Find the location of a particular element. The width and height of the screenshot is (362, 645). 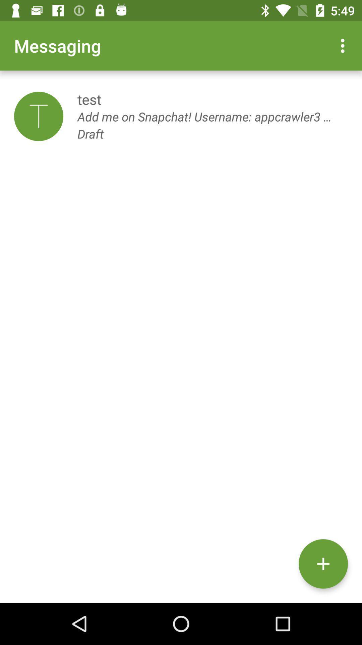

the icon at the bottom right corner is located at coordinates (323, 564).